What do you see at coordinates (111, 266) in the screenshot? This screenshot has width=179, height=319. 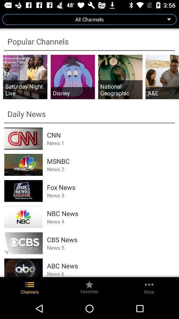 I see `the abc news app` at bounding box center [111, 266].